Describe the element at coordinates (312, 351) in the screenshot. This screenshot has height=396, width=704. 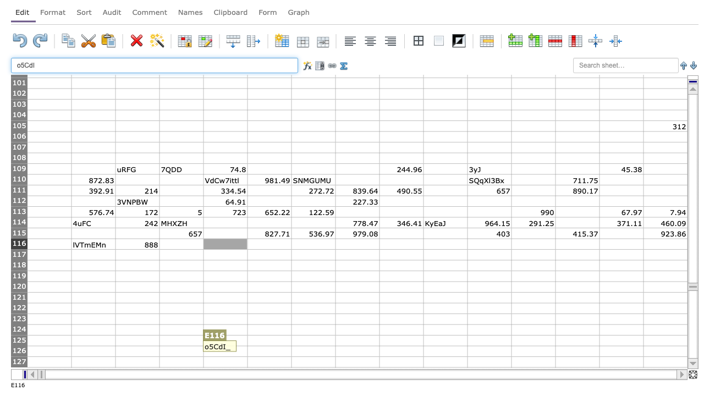
I see `Col: G, Row: 126` at that location.